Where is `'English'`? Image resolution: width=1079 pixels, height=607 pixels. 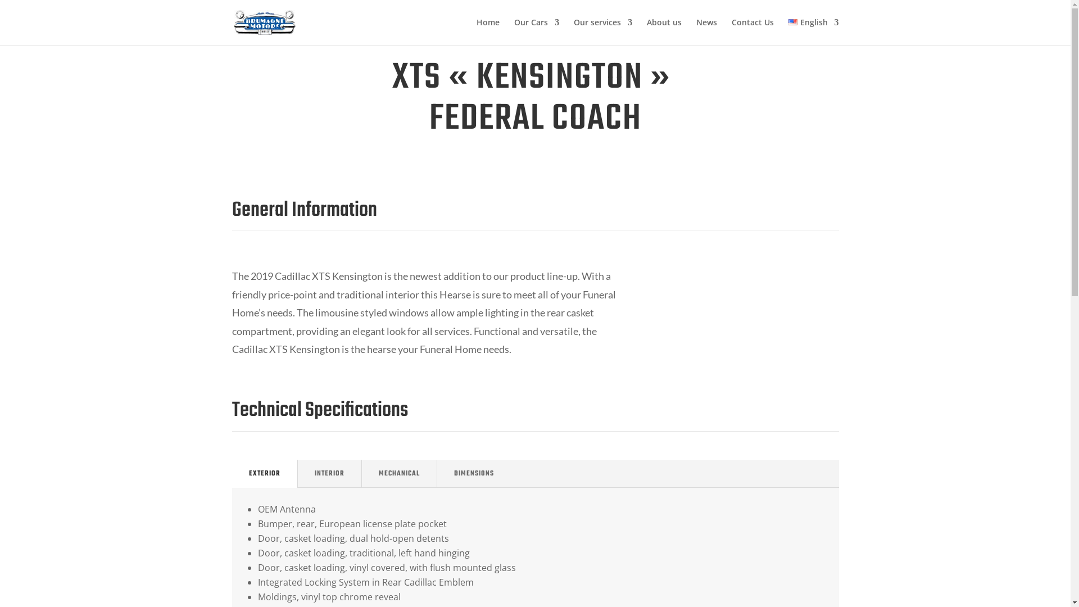 'English' is located at coordinates (813, 31).